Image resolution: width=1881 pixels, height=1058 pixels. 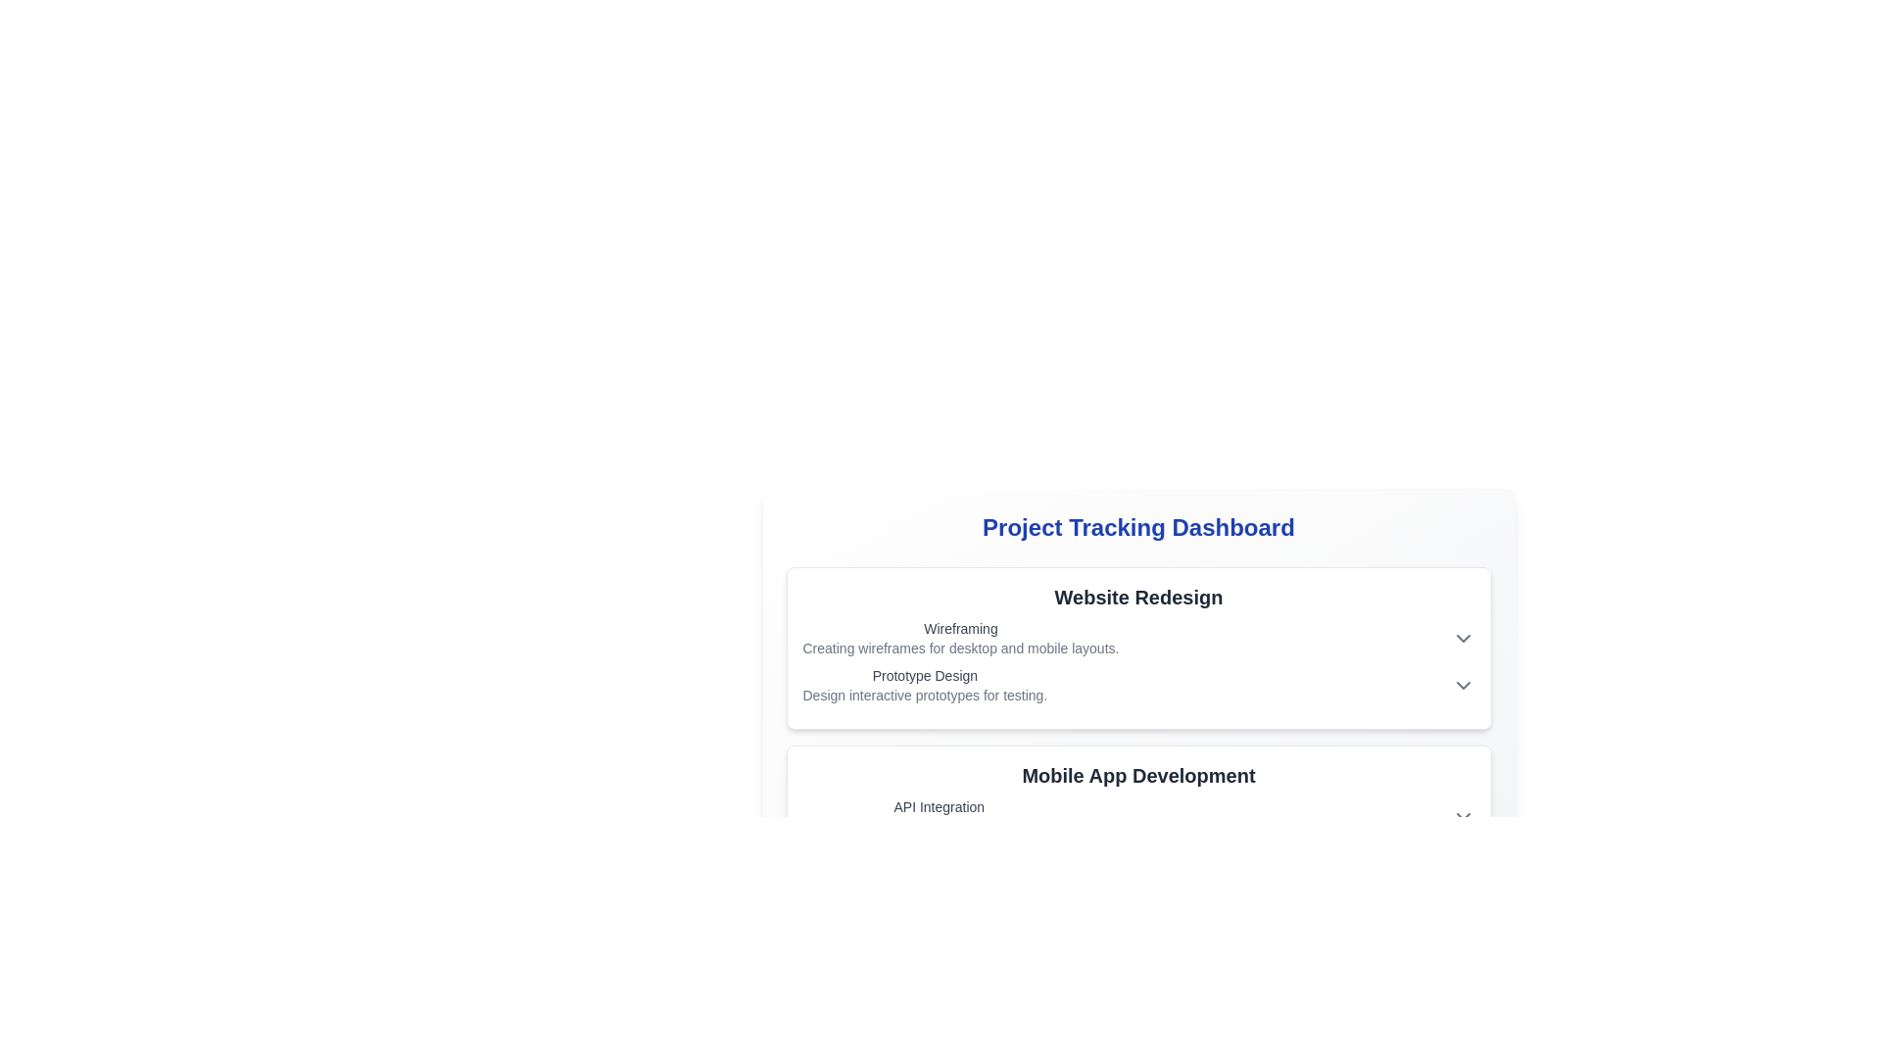 I want to click on the textual information block titled 'API Integration' which displays 'Connecting front-end and back-end services.', so click(x=938, y=816).